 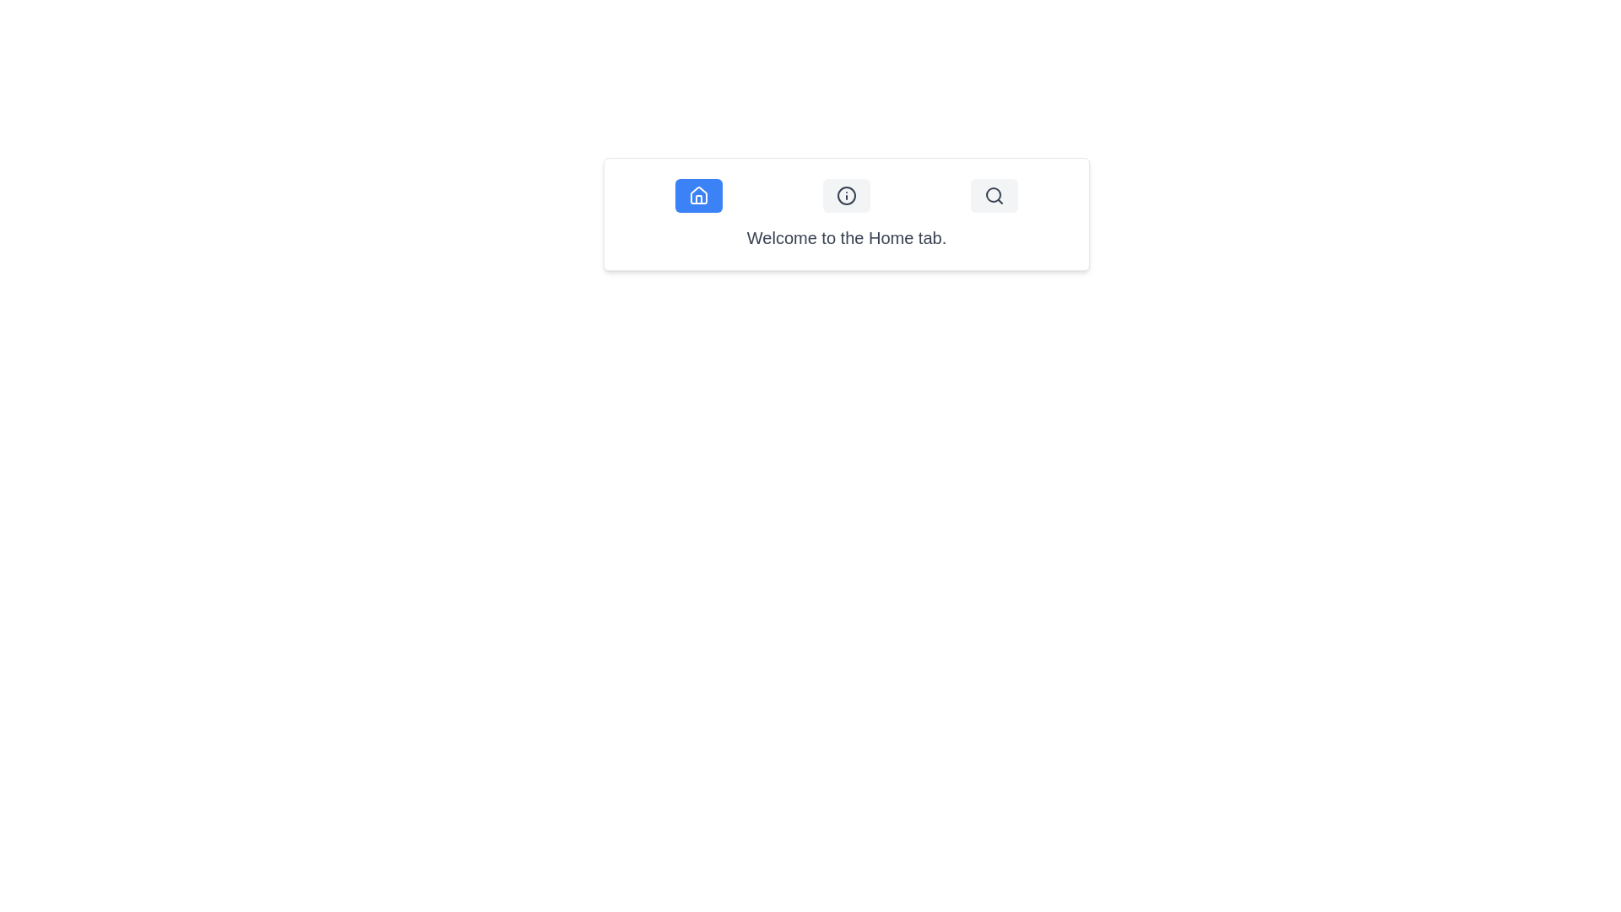 I want to click on the magnifying glass icon, which is the rightmost icon among three horizontally aligned icons, so click(x=995, y=194).